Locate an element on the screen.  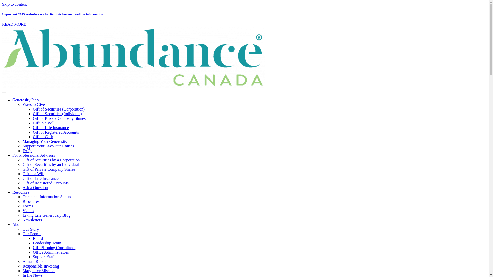
'Annual Report' is located at coordinates (34, 261).